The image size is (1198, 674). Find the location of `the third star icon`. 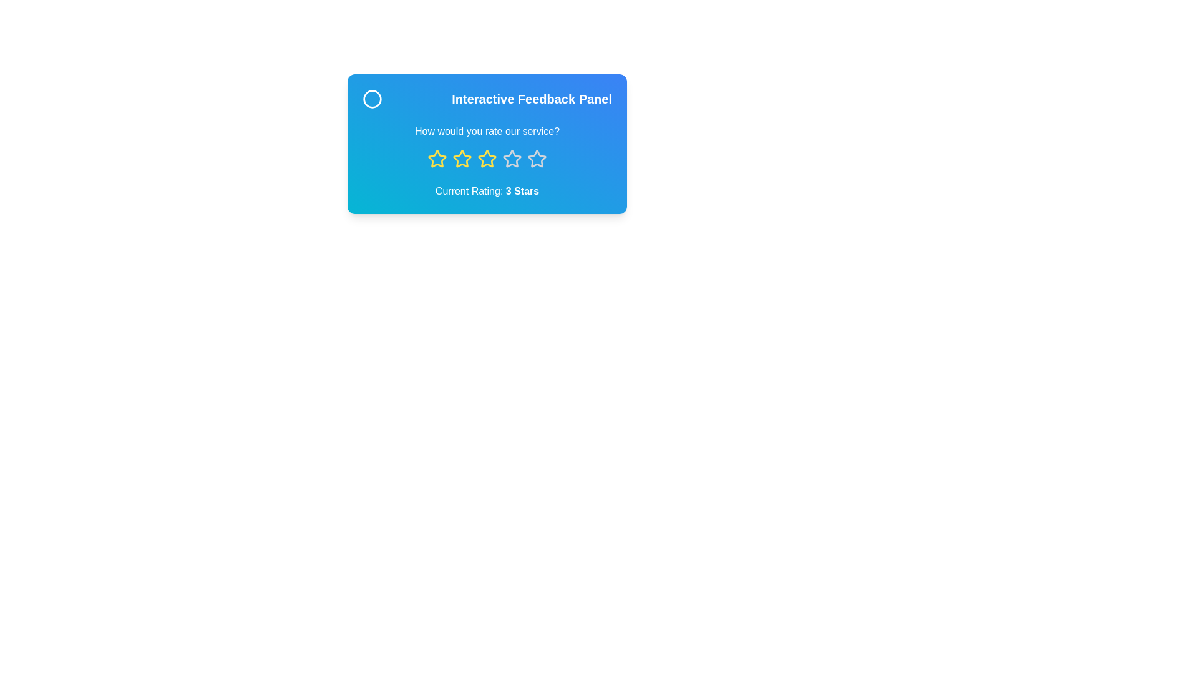

the third star icon is located at coordinates (487, 158).